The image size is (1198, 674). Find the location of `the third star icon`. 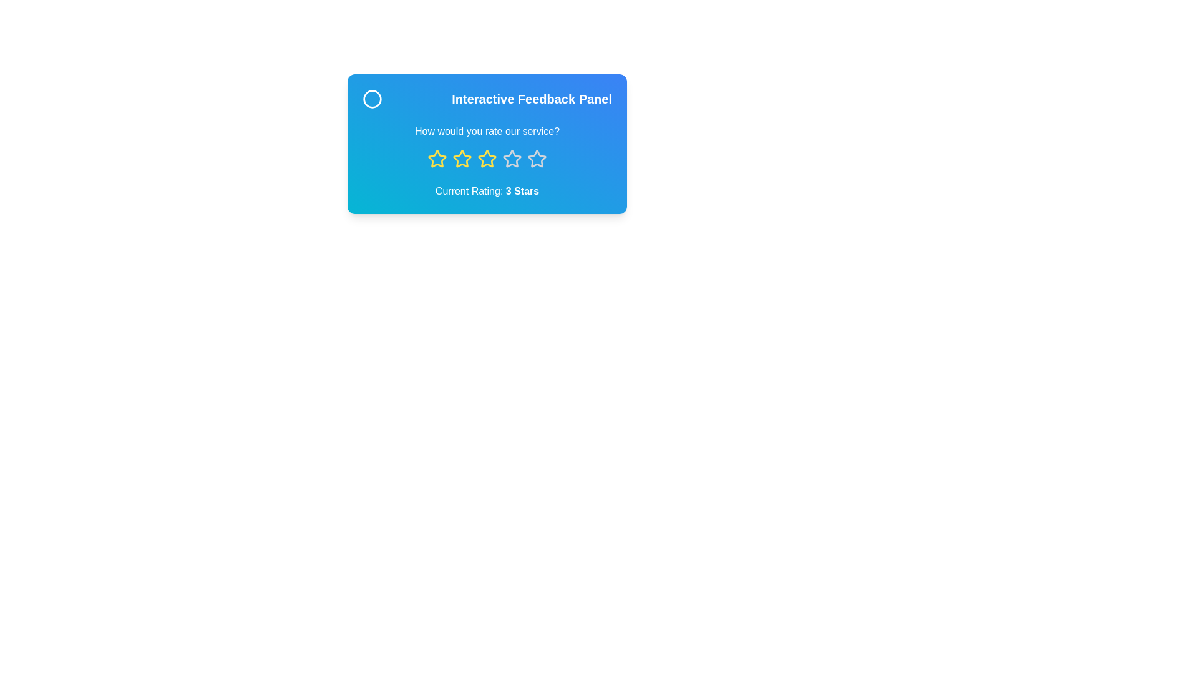

the third star icon is located at coordinates (487, 158).